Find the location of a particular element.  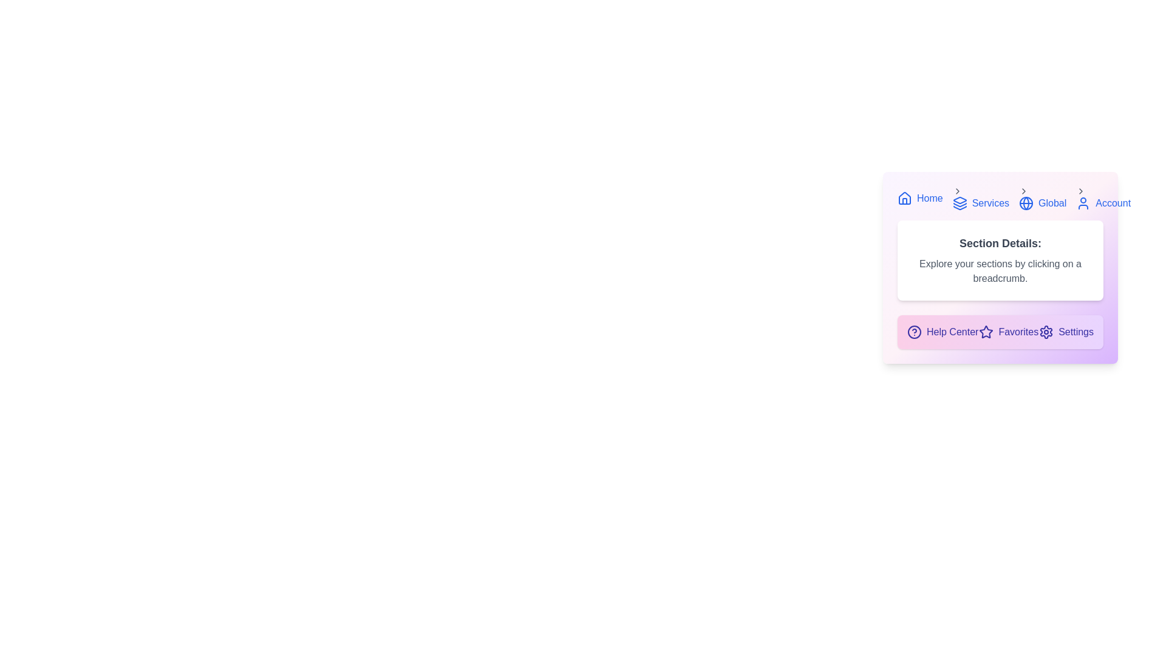

the chevron-right icon in the breadcrumb navigation, which indicates progression towards the 'Account' section is located at coordinates (1081, 191).